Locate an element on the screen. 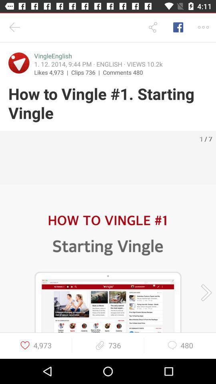  the item above the 1 12 2014 item is located at coordinates (53, 56).